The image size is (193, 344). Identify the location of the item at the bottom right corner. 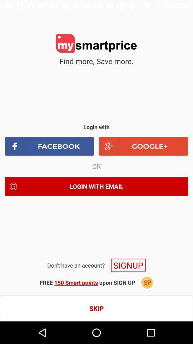
(147, 282).